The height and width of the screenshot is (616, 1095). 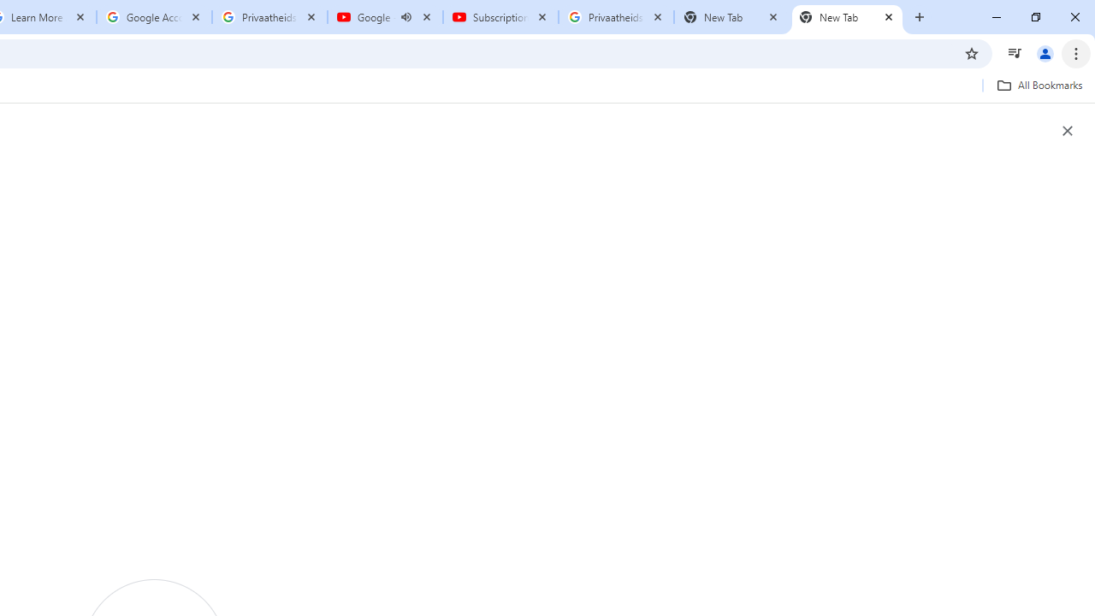 What do you see at coordinates (384, 17) in the screenshot?
I see `'Google - YouTube - Audio playing'` at bounding box center [384, 17].